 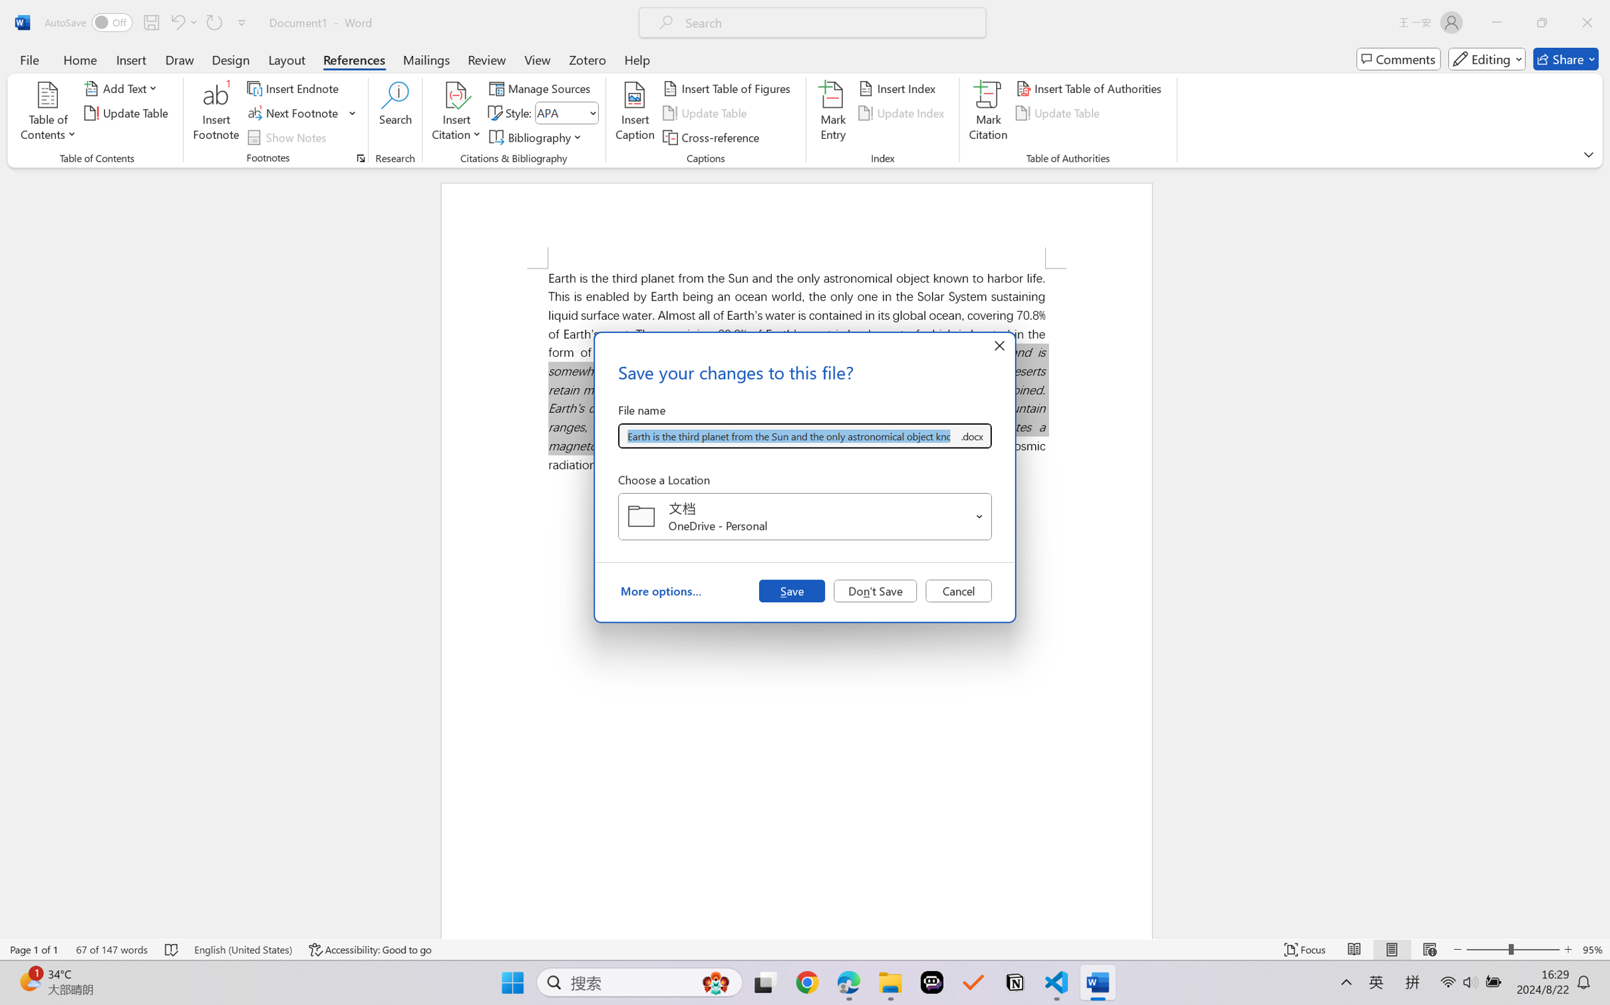 I want to click on 'Don', so click(x=875, y=590).